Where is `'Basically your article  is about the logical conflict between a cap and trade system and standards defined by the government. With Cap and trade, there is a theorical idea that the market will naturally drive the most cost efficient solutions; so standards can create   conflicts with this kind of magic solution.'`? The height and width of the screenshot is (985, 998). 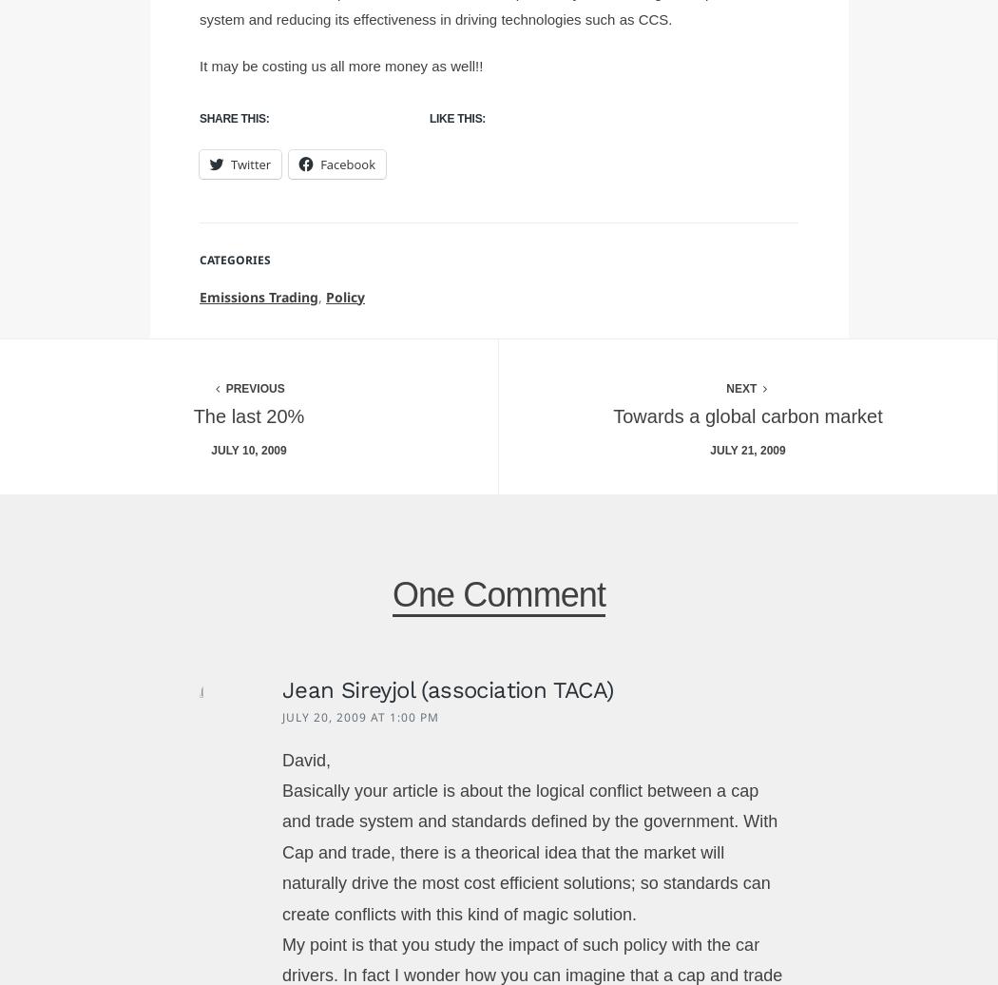
'Basically your article  is about the logical conflict between a cap and trade system and standards defined by the government. With Cap and trade, there is a theorical idea that the market will naturally drive the most cost efficient solutions; so standards can create   conflicts with this kind of magic solution.' is located at coordinates (529, 852).